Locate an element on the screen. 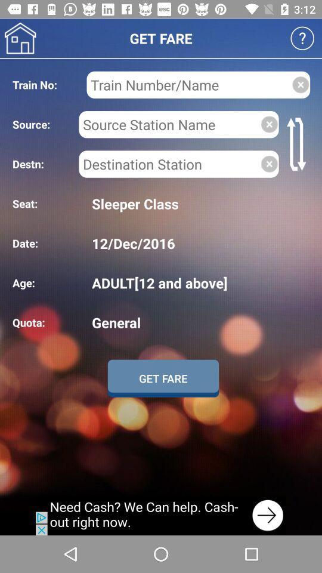 This screenshot has width=322, height=573. click close icon is located at coordinates (269, 124).